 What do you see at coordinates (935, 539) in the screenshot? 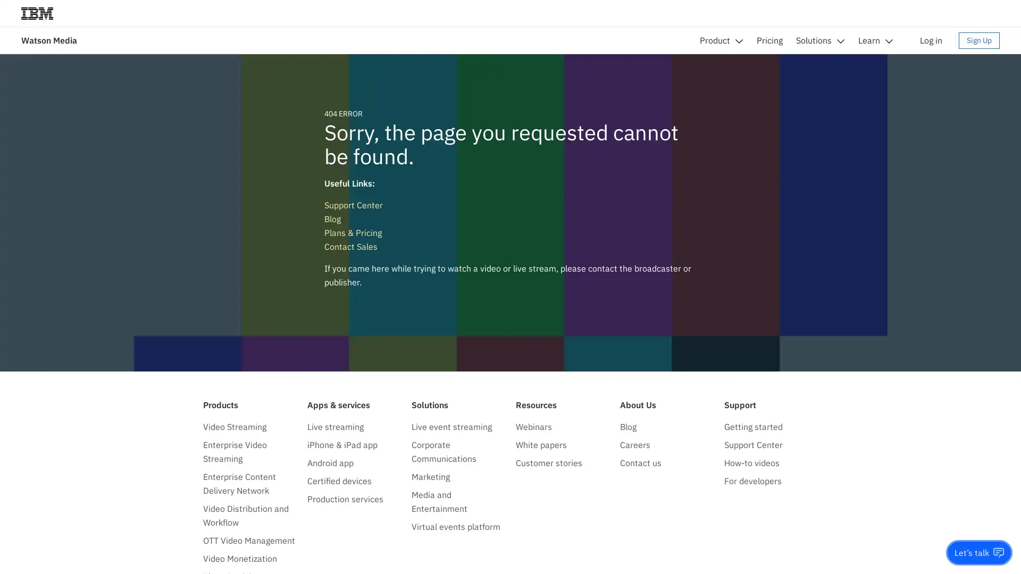
I see `Do not sell my personal information` at bounding box center [935, 539].